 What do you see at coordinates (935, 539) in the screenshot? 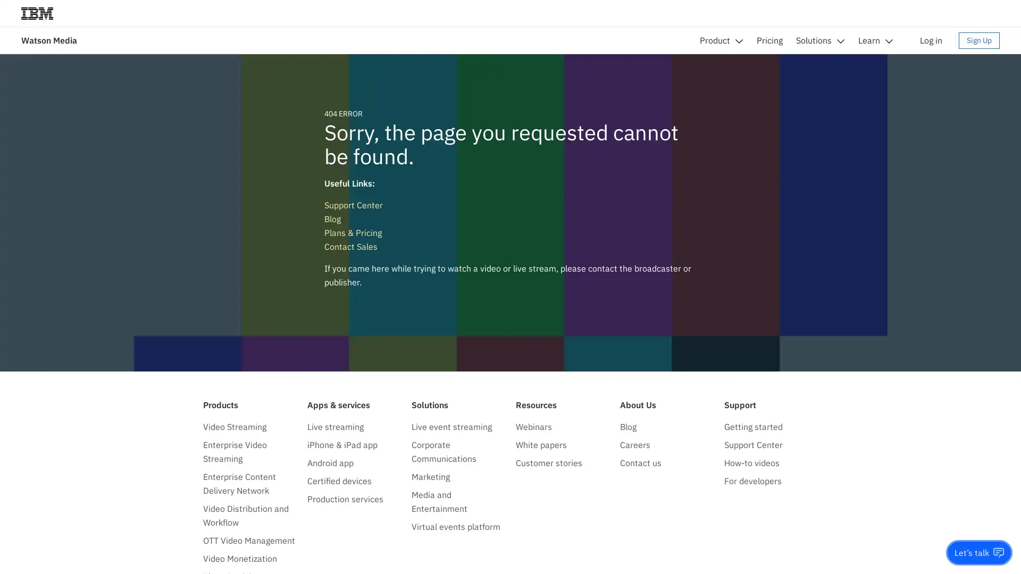
I see `Do not sell my personal information` at bounding box center [935, 539].